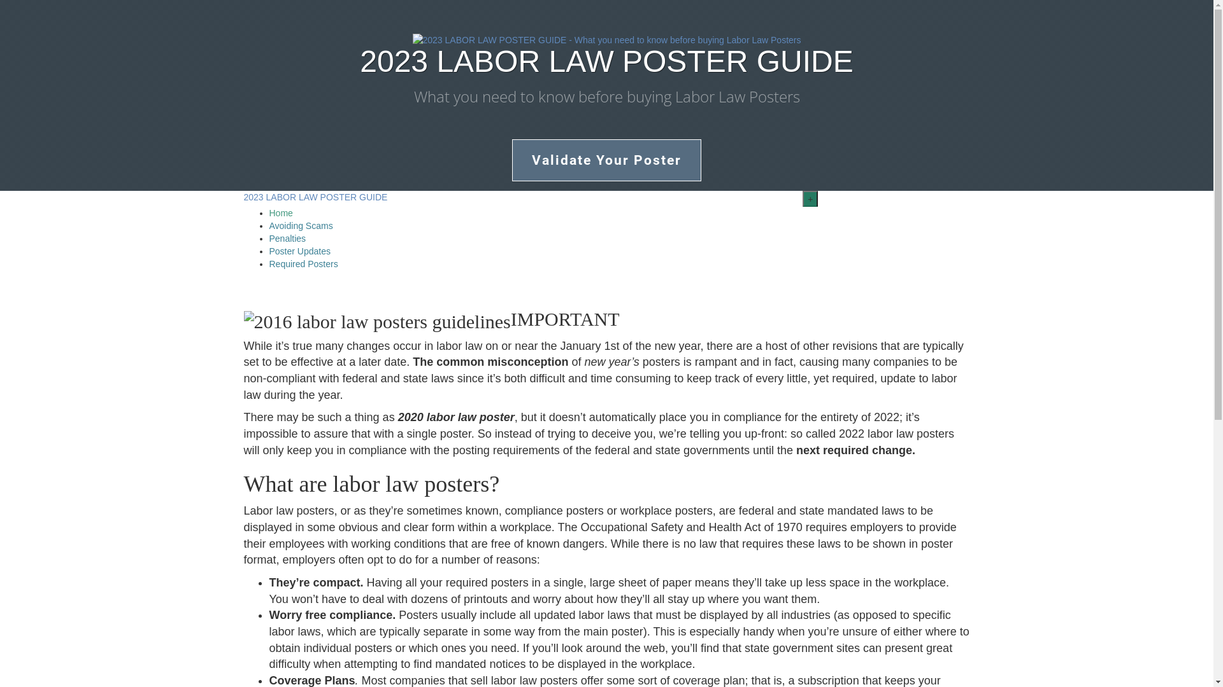 This screenshot has height=687, width=1223. Describe the element at coordinates (121, 95) in the screenshot. I see `'What you need to know before buying Labor Law Posters'` at that location.